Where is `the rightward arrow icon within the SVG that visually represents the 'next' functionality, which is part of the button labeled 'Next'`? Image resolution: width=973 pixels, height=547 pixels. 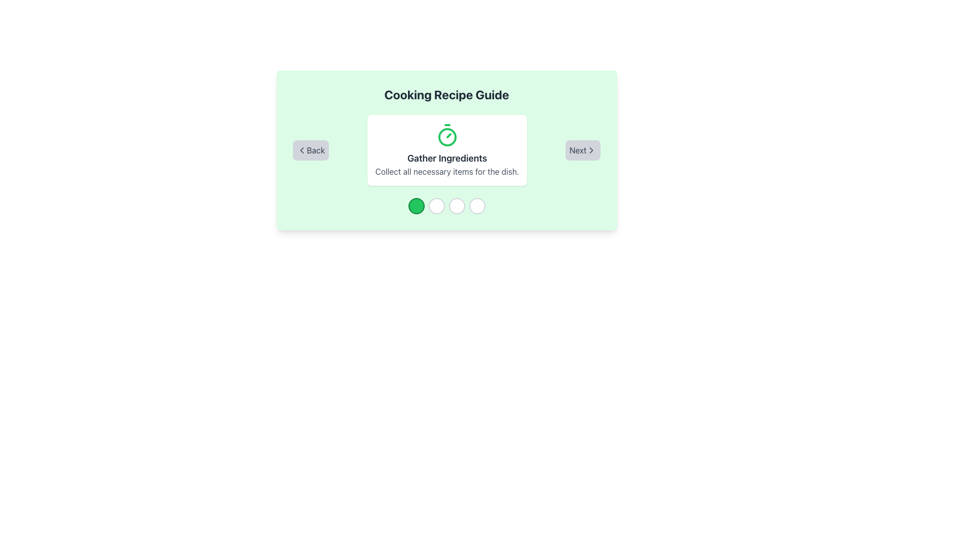
the rightward arrow icon within the SVG that visually represents the 'next' functionality, which is part of the button labeled 'Next' is located at coordinates (591, 150).